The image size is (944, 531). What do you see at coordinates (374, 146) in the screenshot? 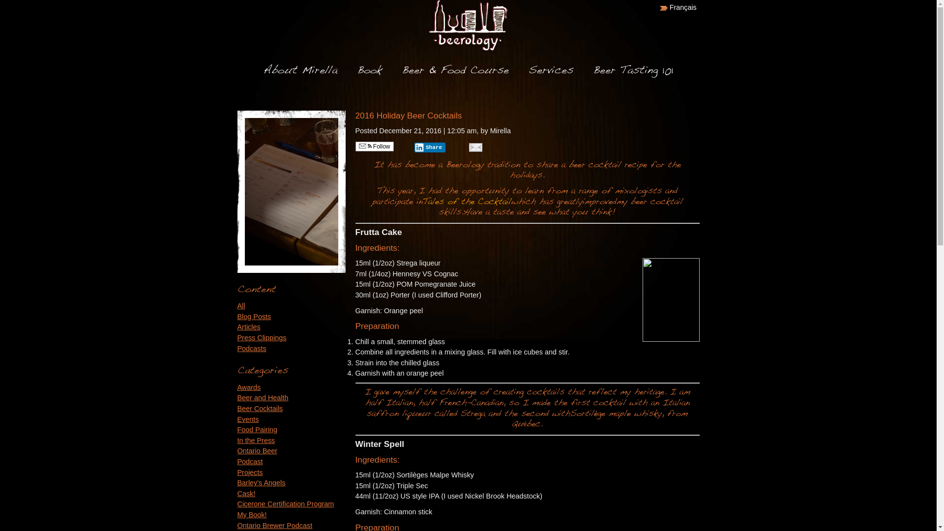
I see `'Follow'` at bounding box center [374, 146].